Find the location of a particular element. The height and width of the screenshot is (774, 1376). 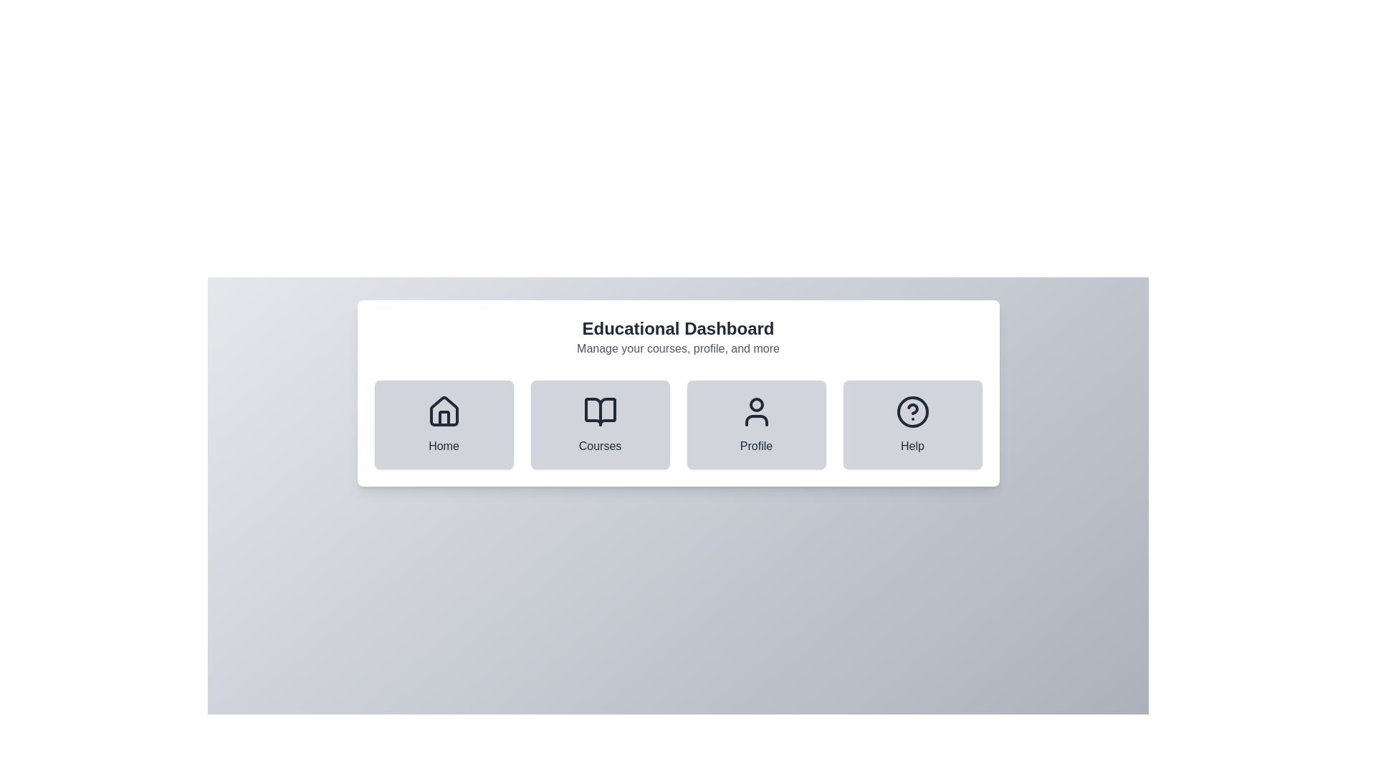

the 'Home' icon located above the label 'Home' is located at coordinates (443, 411).